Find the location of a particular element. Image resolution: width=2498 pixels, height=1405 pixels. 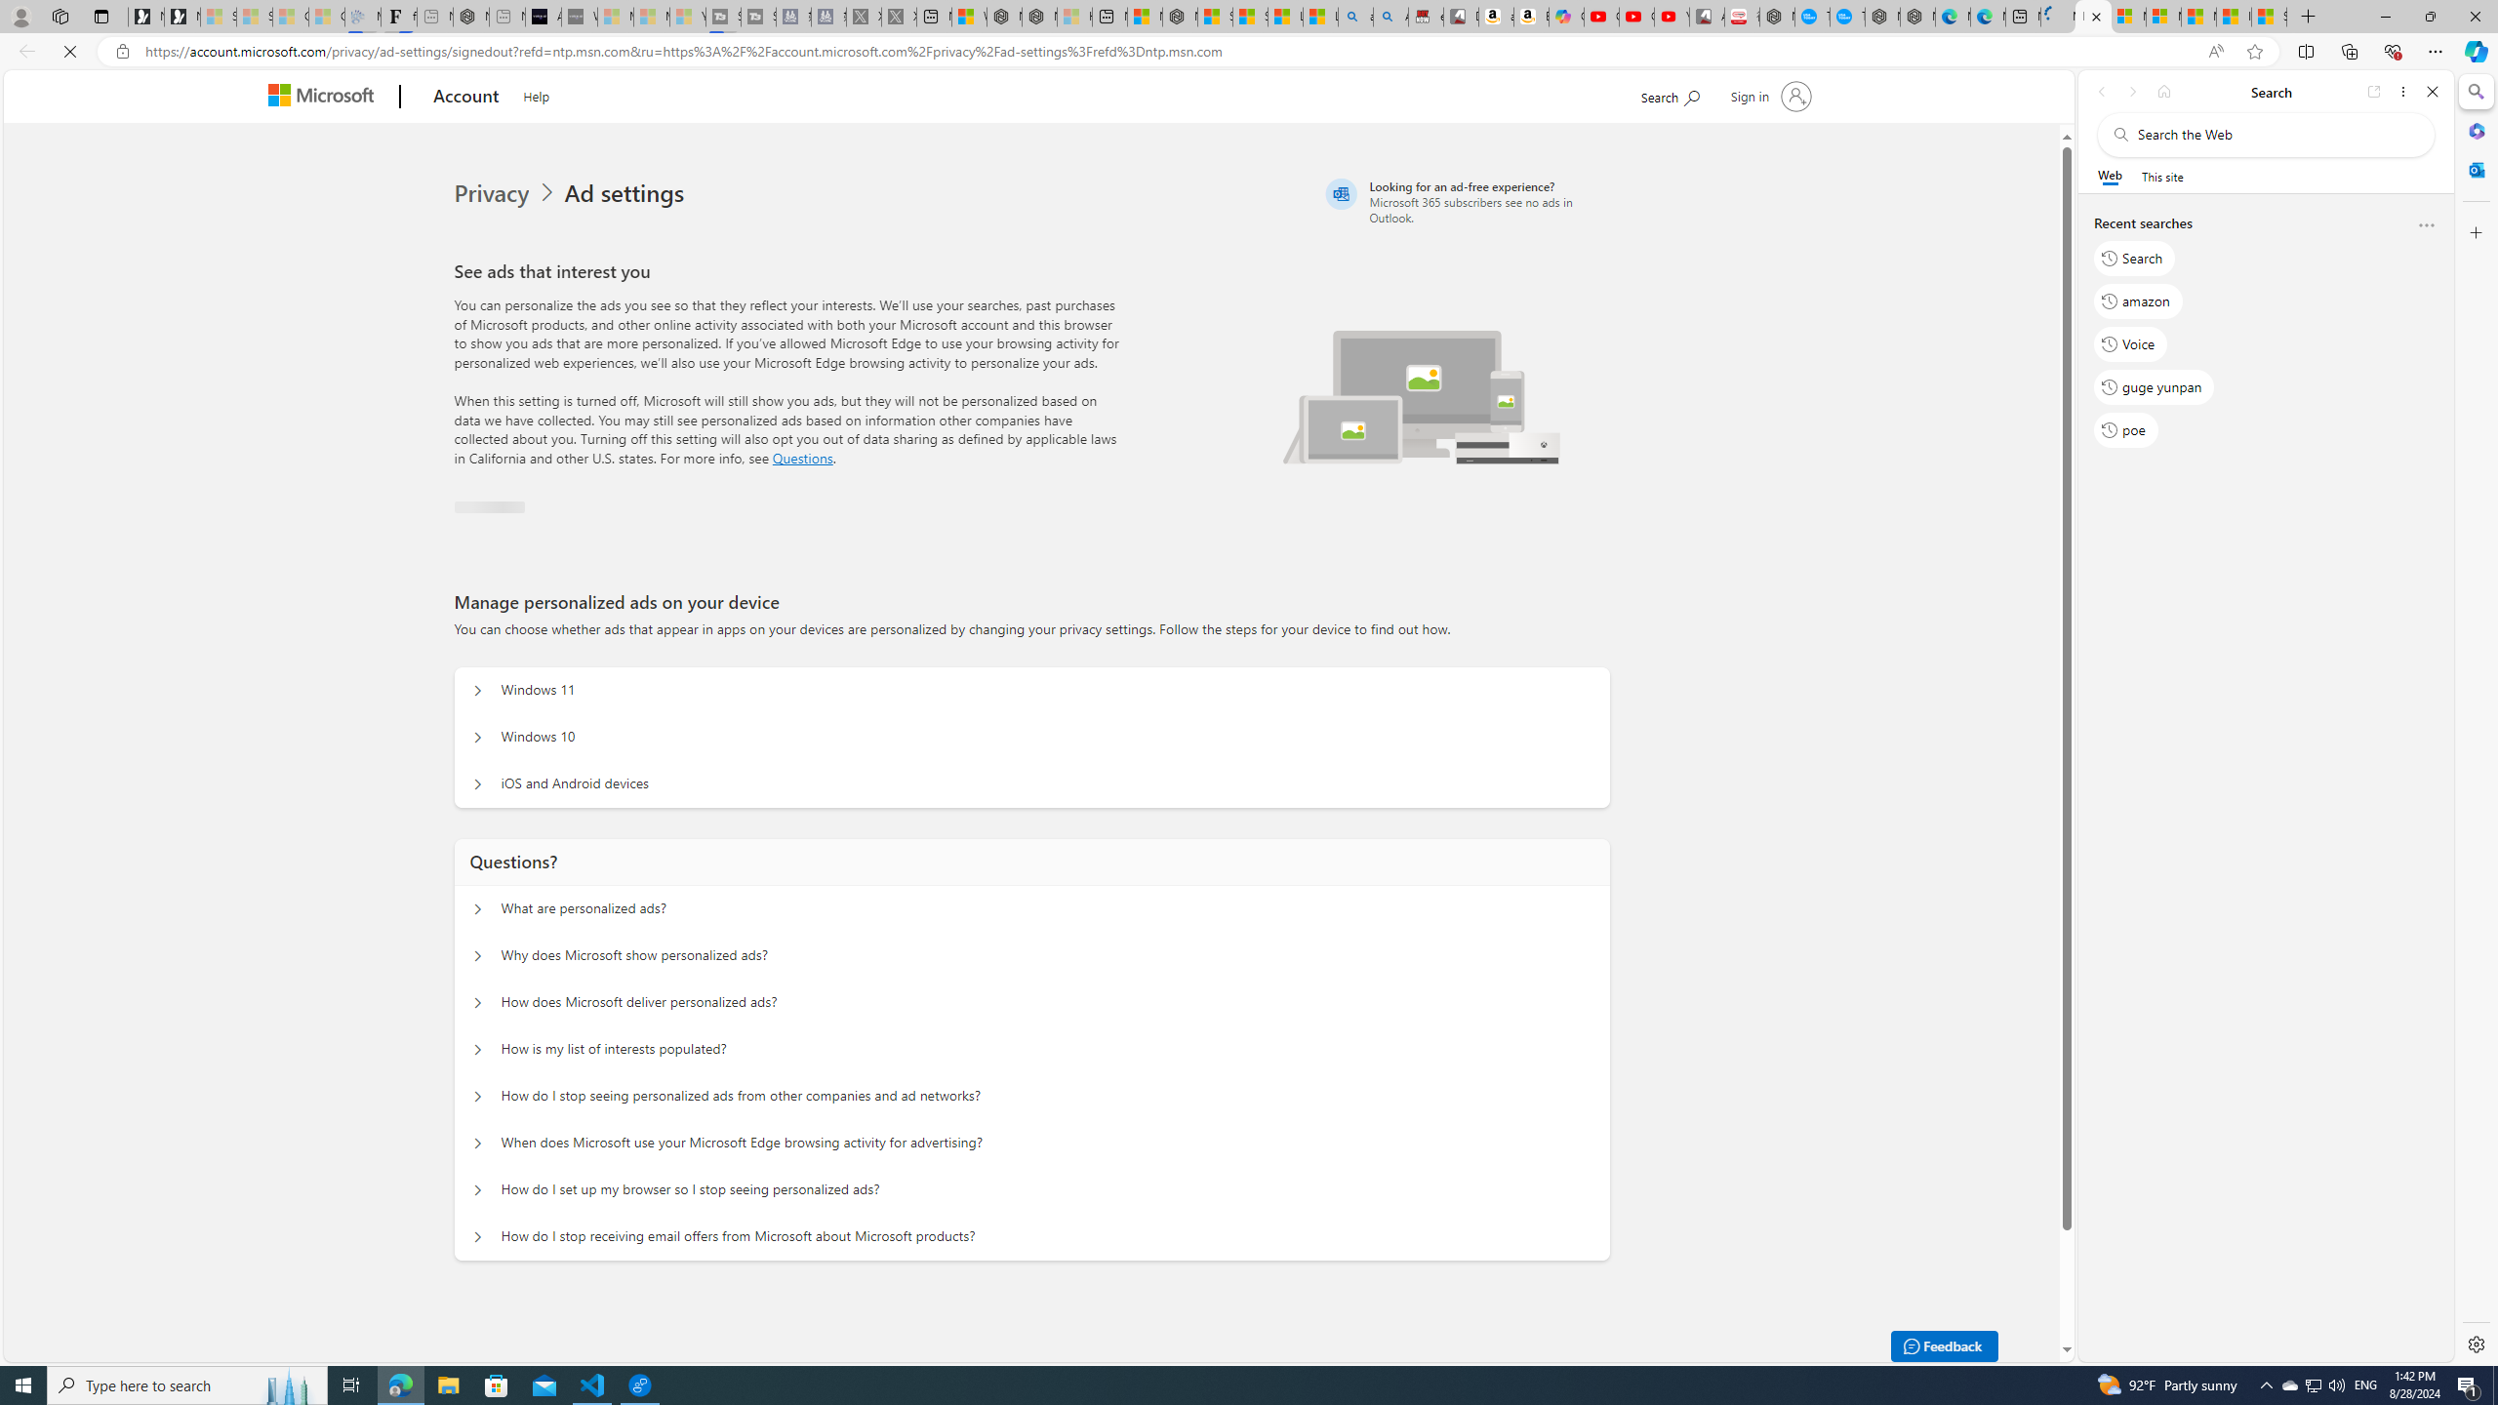

'All Cubot phones' is located at coordinates (1706, 16).